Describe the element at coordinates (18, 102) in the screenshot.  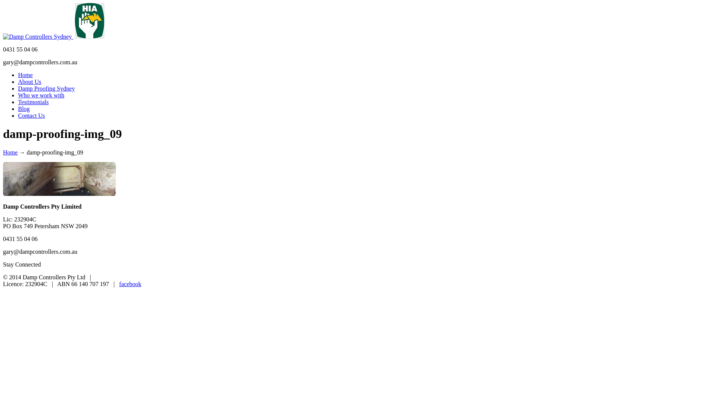
I see `'Testimonials'` at that location.